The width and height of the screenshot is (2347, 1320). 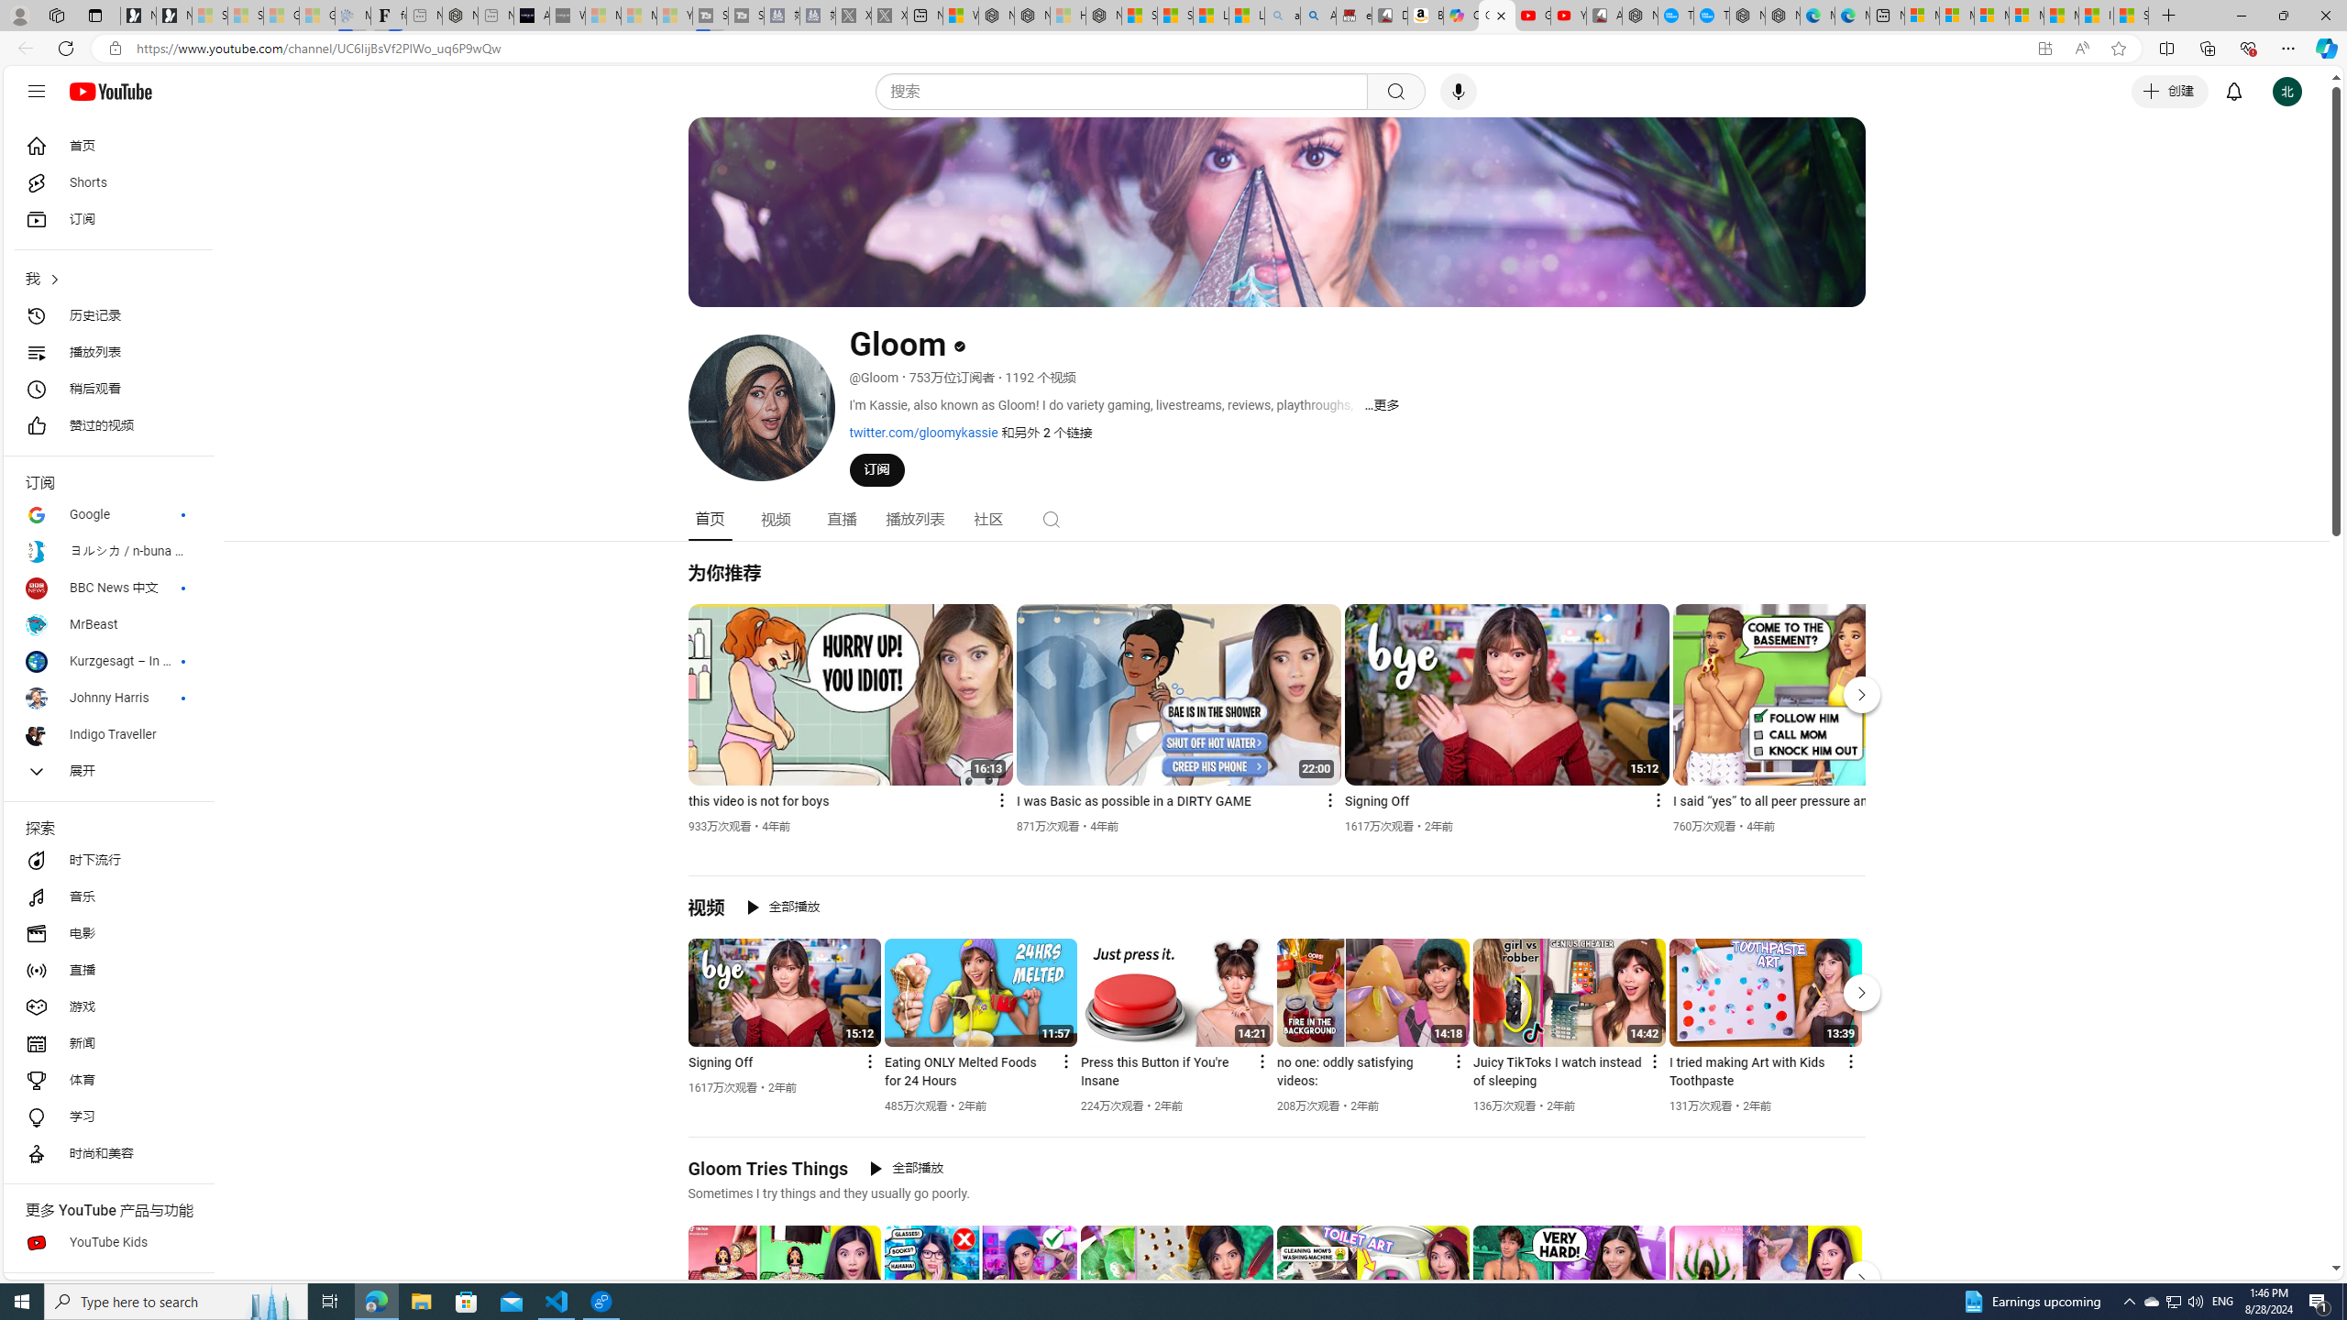 I want to click on 'App available. Install YouTube', so click(x=2044, y=49).